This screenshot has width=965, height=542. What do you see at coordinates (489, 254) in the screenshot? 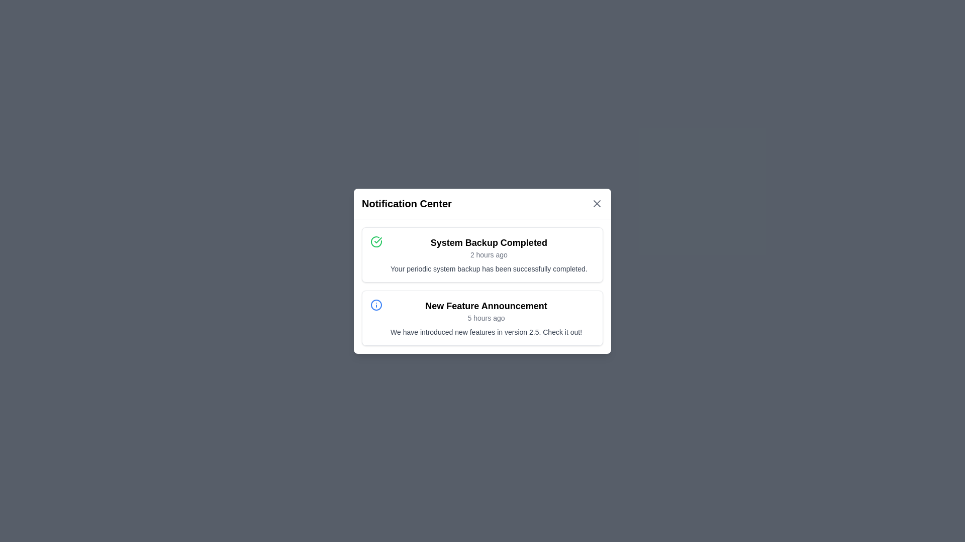
I see `information displayed in the Notification message indicating the successful completion of a system backup` at bounding box center [489, 254].